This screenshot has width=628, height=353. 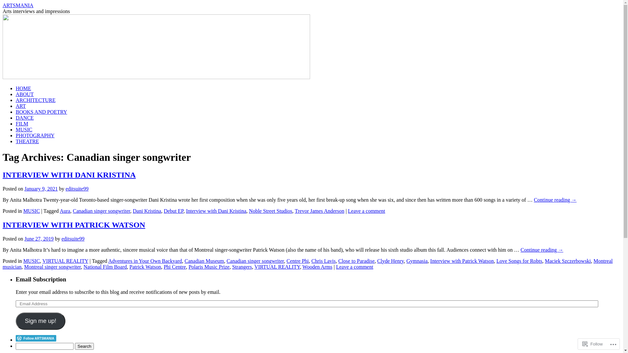 I want to click on 'Centre Phi', so click(x=297, y=261).